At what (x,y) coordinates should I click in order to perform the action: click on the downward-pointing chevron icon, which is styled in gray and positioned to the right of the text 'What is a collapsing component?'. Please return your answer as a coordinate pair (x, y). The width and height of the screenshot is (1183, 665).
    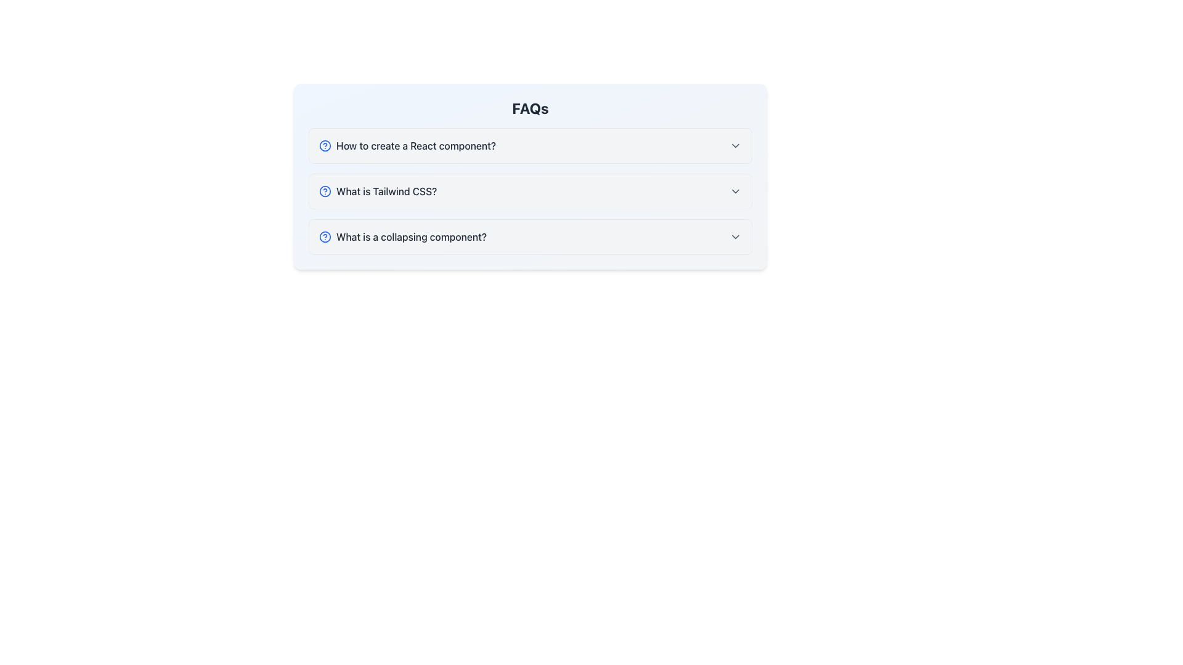
    Looking at the image, I should click on (736, 237).